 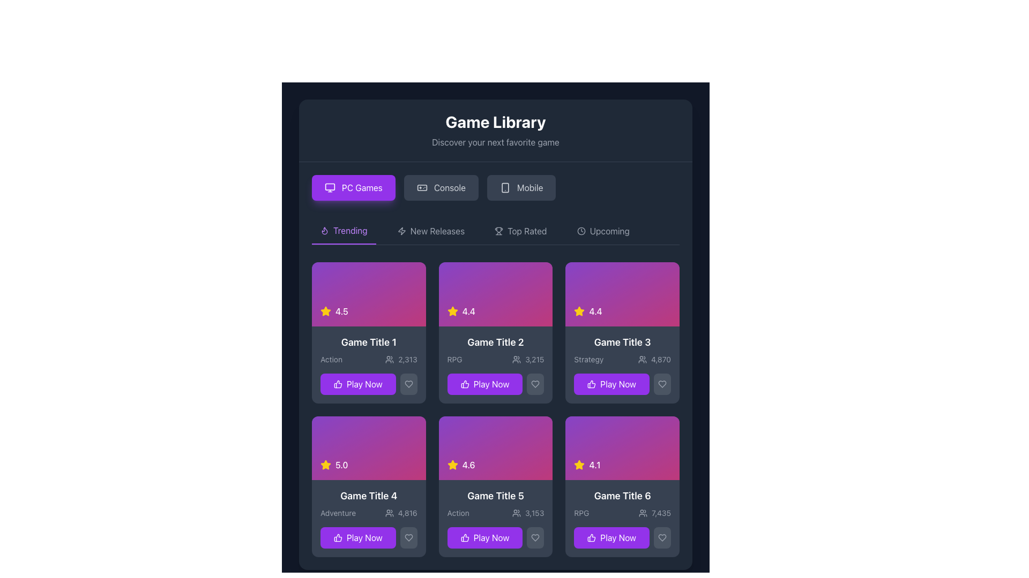 I want to click on the 'Console' text label within the category selector button to focus on it, so click(x=450, y=187).